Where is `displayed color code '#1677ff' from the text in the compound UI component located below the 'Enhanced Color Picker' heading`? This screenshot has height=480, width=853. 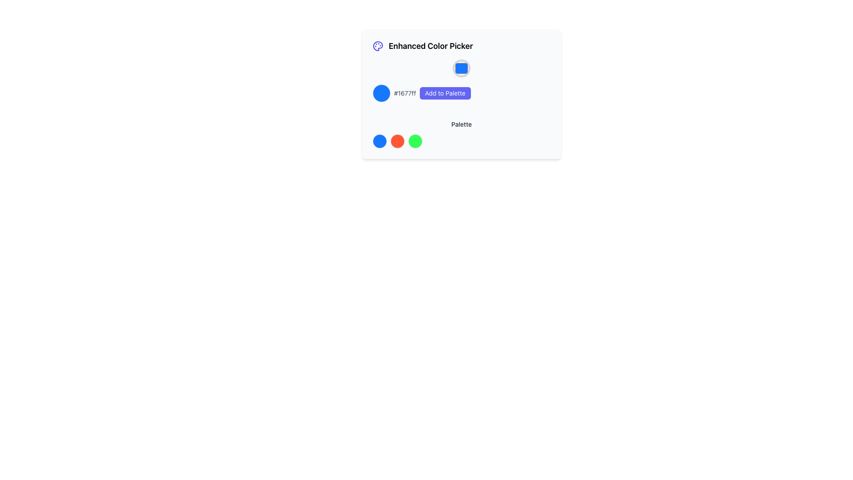 displayed color code '#1677ff' from the text in the compound UI component located below the 'Enhanced Color Picker' heading is located at coordinates (461, 93).